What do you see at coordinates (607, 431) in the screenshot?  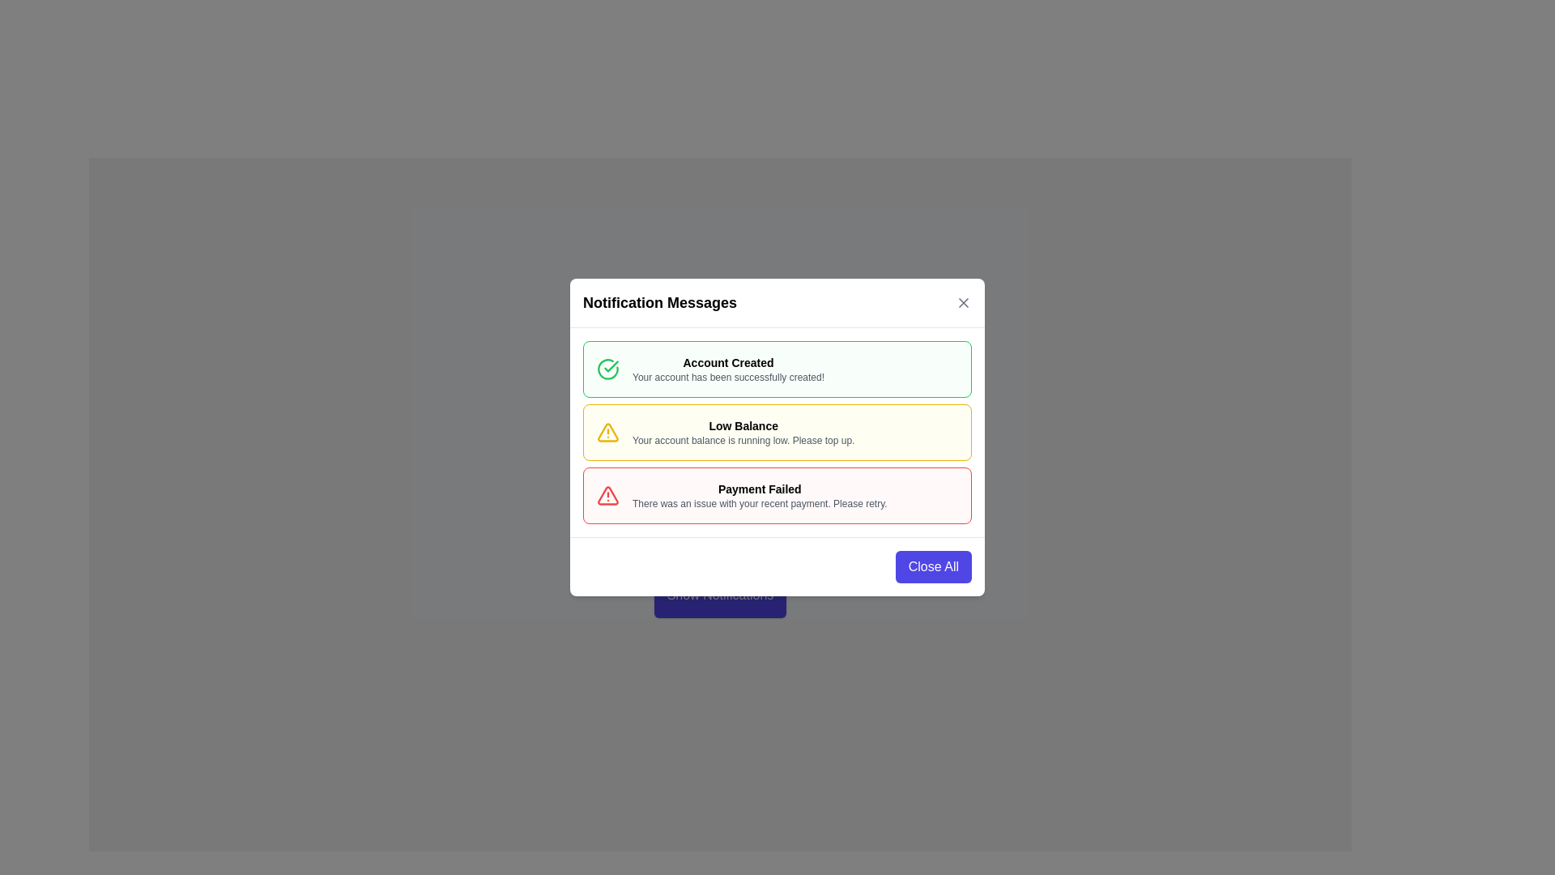 I see `the warning icon that indicates a 'Low Balance' issue, which is located to the left of the text content in the notification` at bounding box center [607, 431].